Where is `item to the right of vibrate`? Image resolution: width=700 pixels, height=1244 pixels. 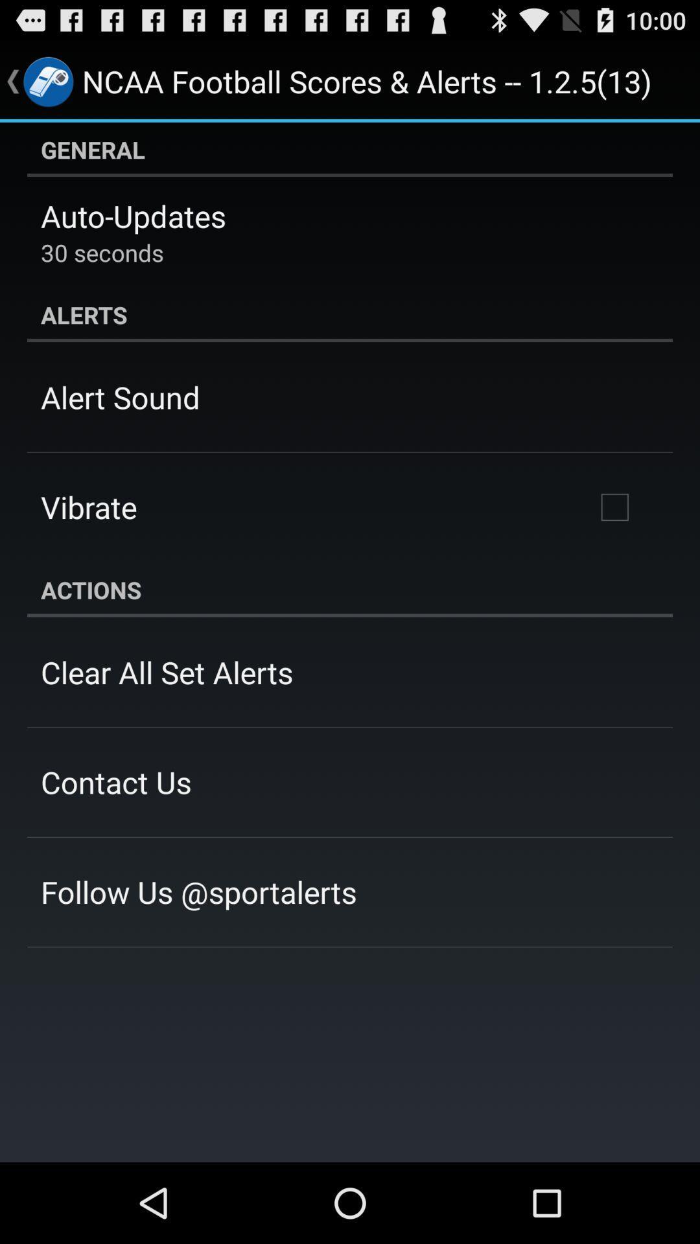 item to the right of vibrate is located at coordinates (614, 506).